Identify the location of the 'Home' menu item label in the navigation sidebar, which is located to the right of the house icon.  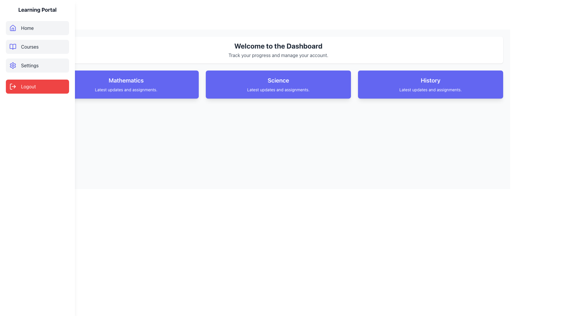
(27, 28).